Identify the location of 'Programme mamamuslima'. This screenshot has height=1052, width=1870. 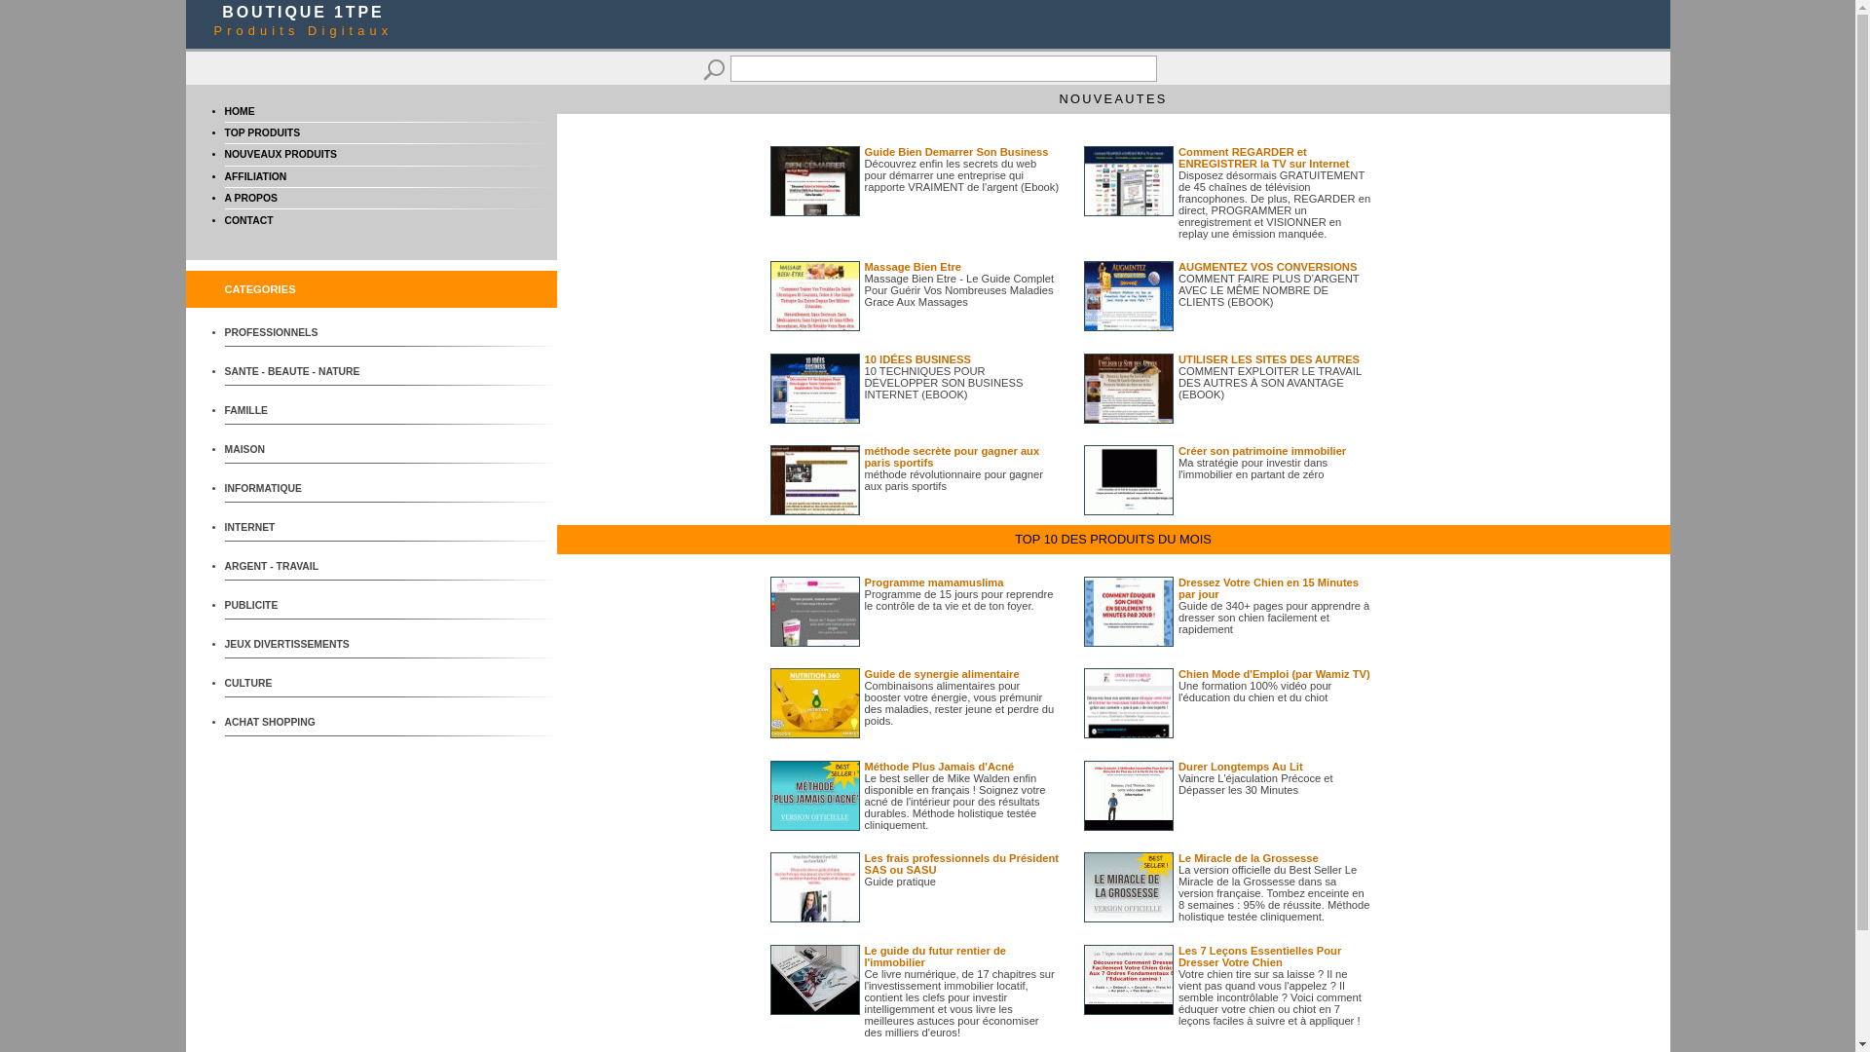
(933, 581).